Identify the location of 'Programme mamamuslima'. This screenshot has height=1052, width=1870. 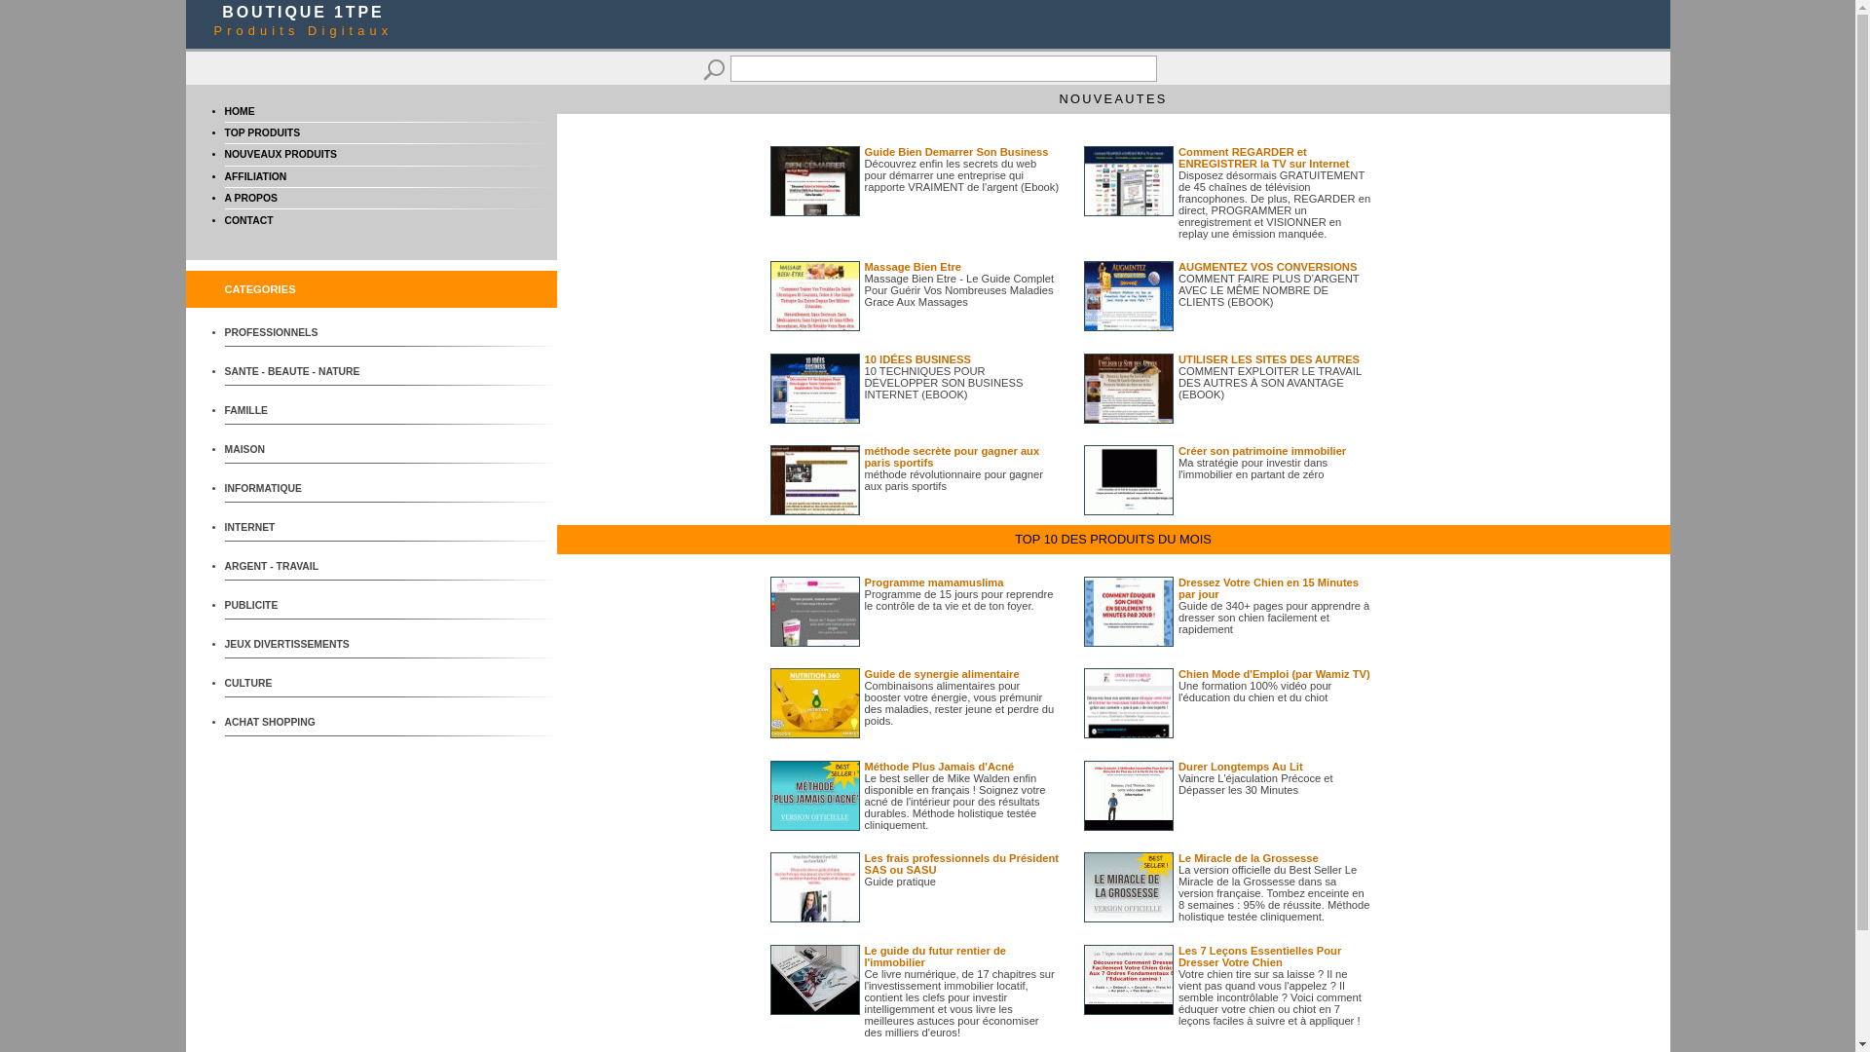
(933, 581).